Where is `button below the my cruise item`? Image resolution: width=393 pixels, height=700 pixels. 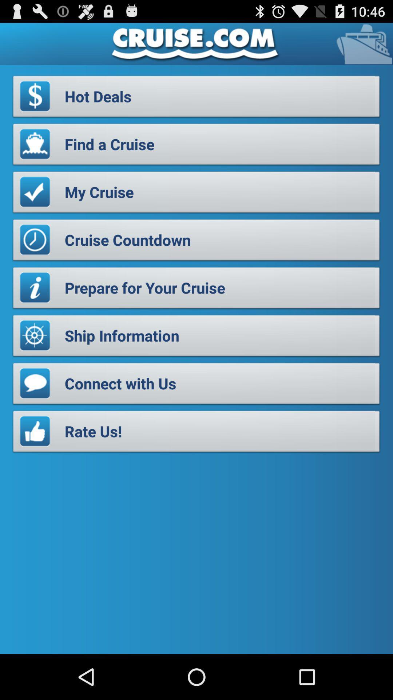 button below the my cruise item is located at coordinates (196, 242).